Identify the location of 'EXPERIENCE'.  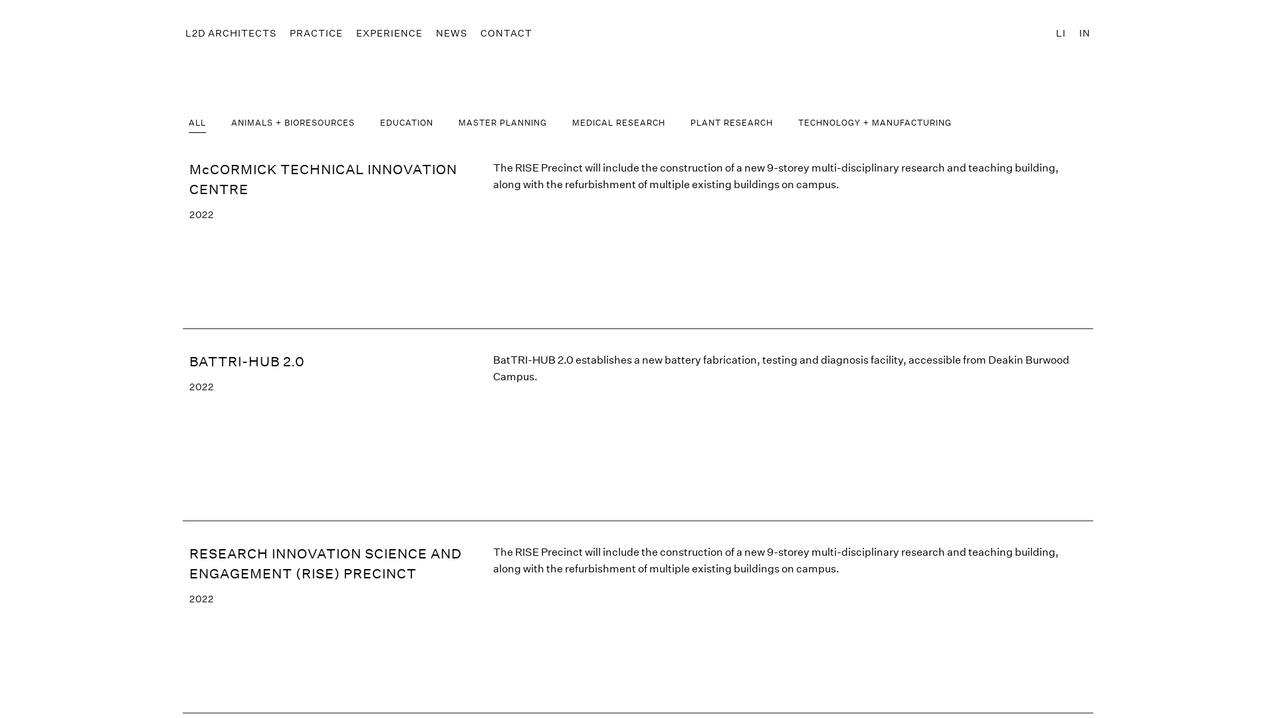
(388, 33).